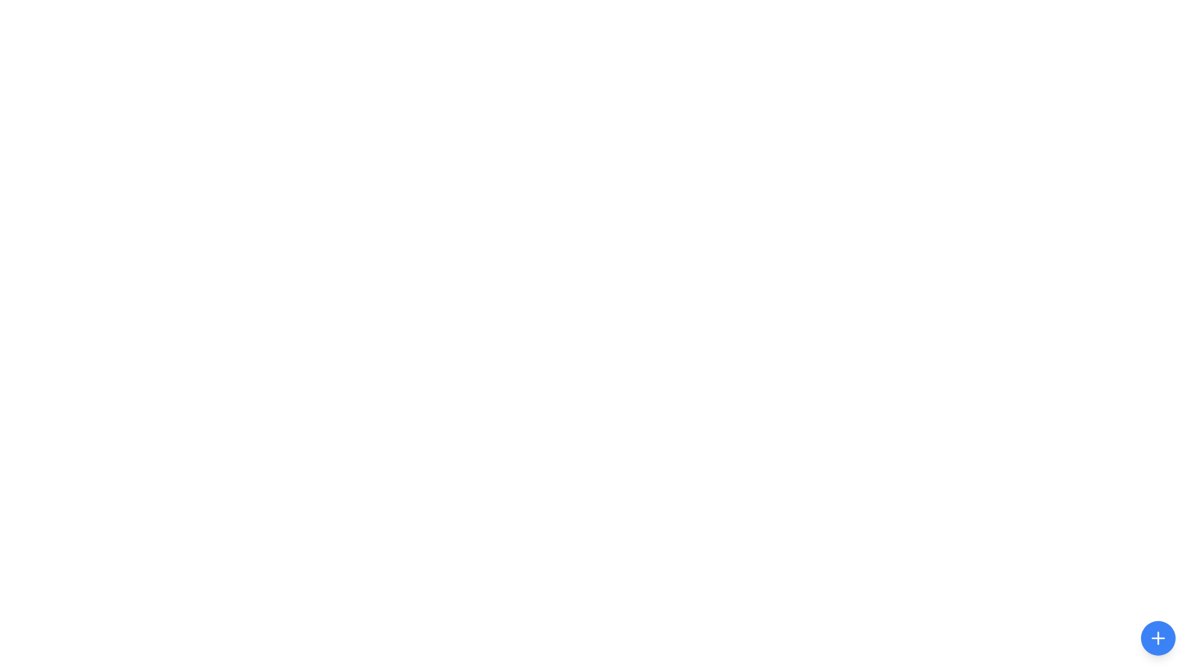 The image size is (1188, 668). What do you see at coordinates (1158, 638) in the screenshot?
I see `the blue circular button with a white cross symbol located at the bottom-right corner of the interface` at bounding box center [1158, 638].